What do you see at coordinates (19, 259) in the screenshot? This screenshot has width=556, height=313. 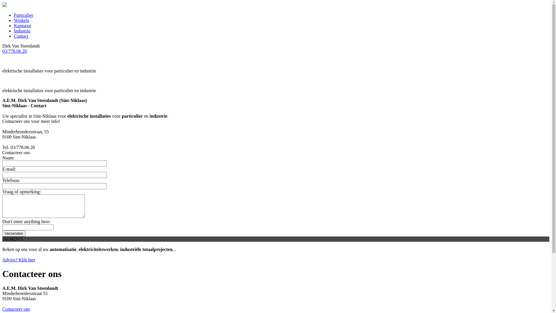 I see `'Advies? Klik hier'` at bounding box center [19, 259].